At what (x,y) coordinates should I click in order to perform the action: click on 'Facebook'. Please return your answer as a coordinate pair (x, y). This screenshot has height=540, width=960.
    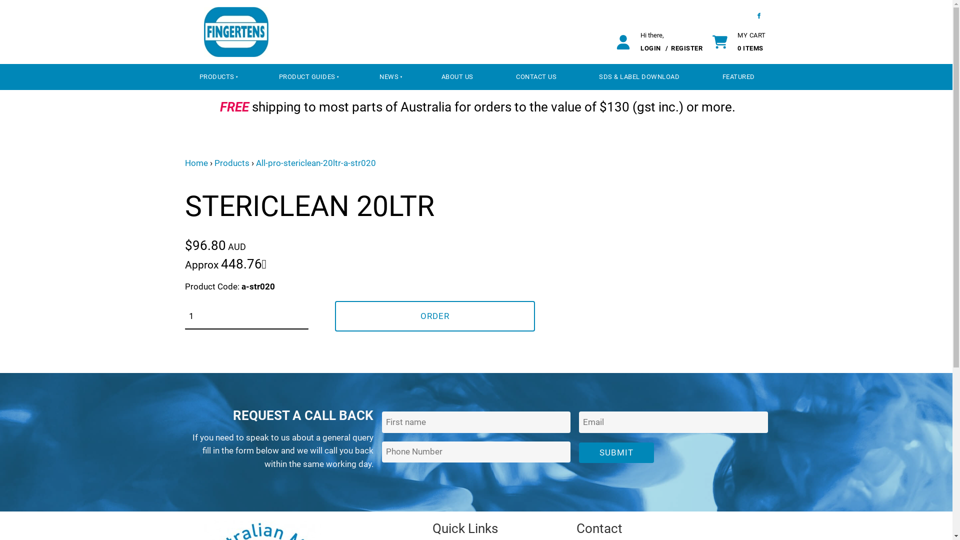
    Looking at the image, I should click on (758, 15).